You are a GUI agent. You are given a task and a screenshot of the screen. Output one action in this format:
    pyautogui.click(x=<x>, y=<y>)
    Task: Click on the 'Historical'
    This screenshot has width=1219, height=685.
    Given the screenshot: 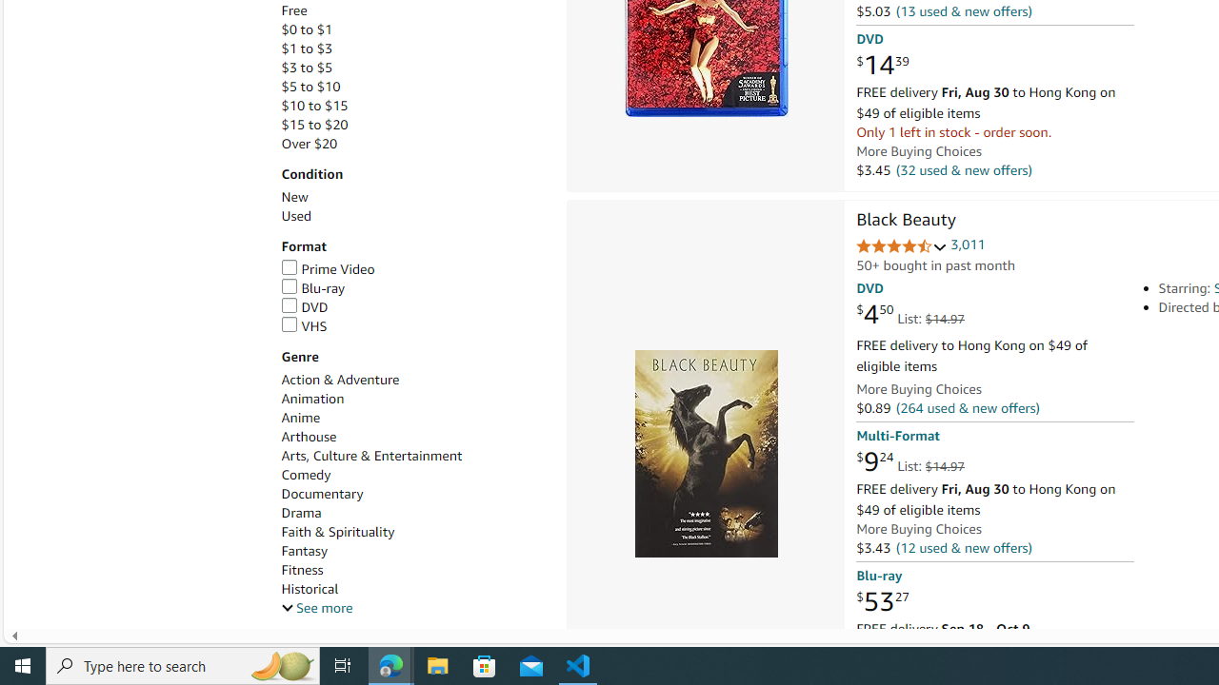 What is the action you would take?
    pyautogui.click(x=310, y=588)
    